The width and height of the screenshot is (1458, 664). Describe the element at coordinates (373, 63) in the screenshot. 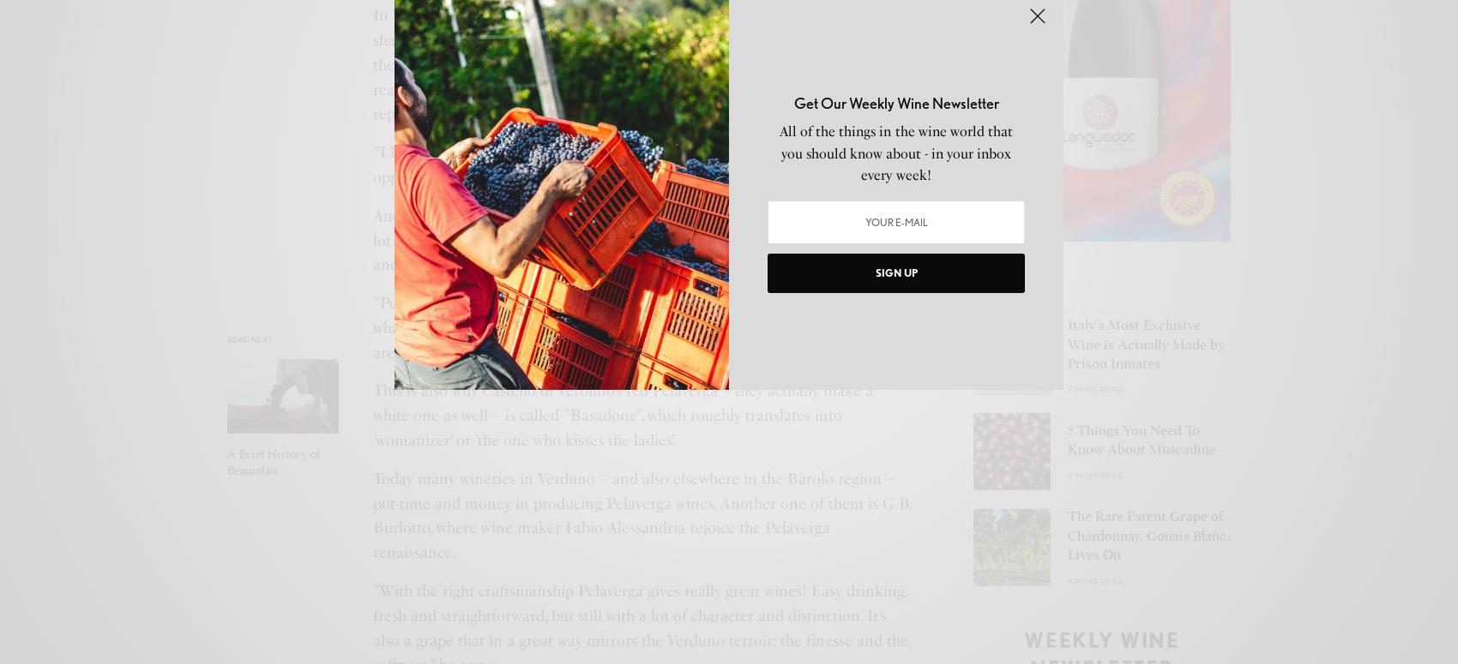

I see `'In Verduno this is a historical grape, but one that for long has lived in the shadows of The King Nebbiolo and The Queen Barbera (and yes, compared to them Pelaverga is the mischievous little princess). One of the wineries that really have been in the forefront in the battle for Pelaverga’s regained reputation is Castello di Verduno and wine maker Mario Andrion.'` at that location.